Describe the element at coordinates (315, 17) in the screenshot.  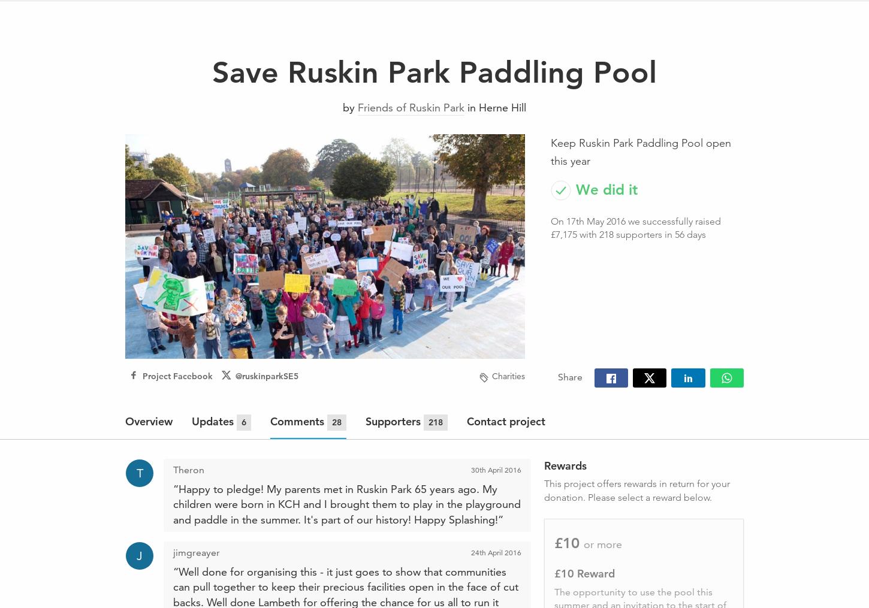
I see `'Explore'` at that location.